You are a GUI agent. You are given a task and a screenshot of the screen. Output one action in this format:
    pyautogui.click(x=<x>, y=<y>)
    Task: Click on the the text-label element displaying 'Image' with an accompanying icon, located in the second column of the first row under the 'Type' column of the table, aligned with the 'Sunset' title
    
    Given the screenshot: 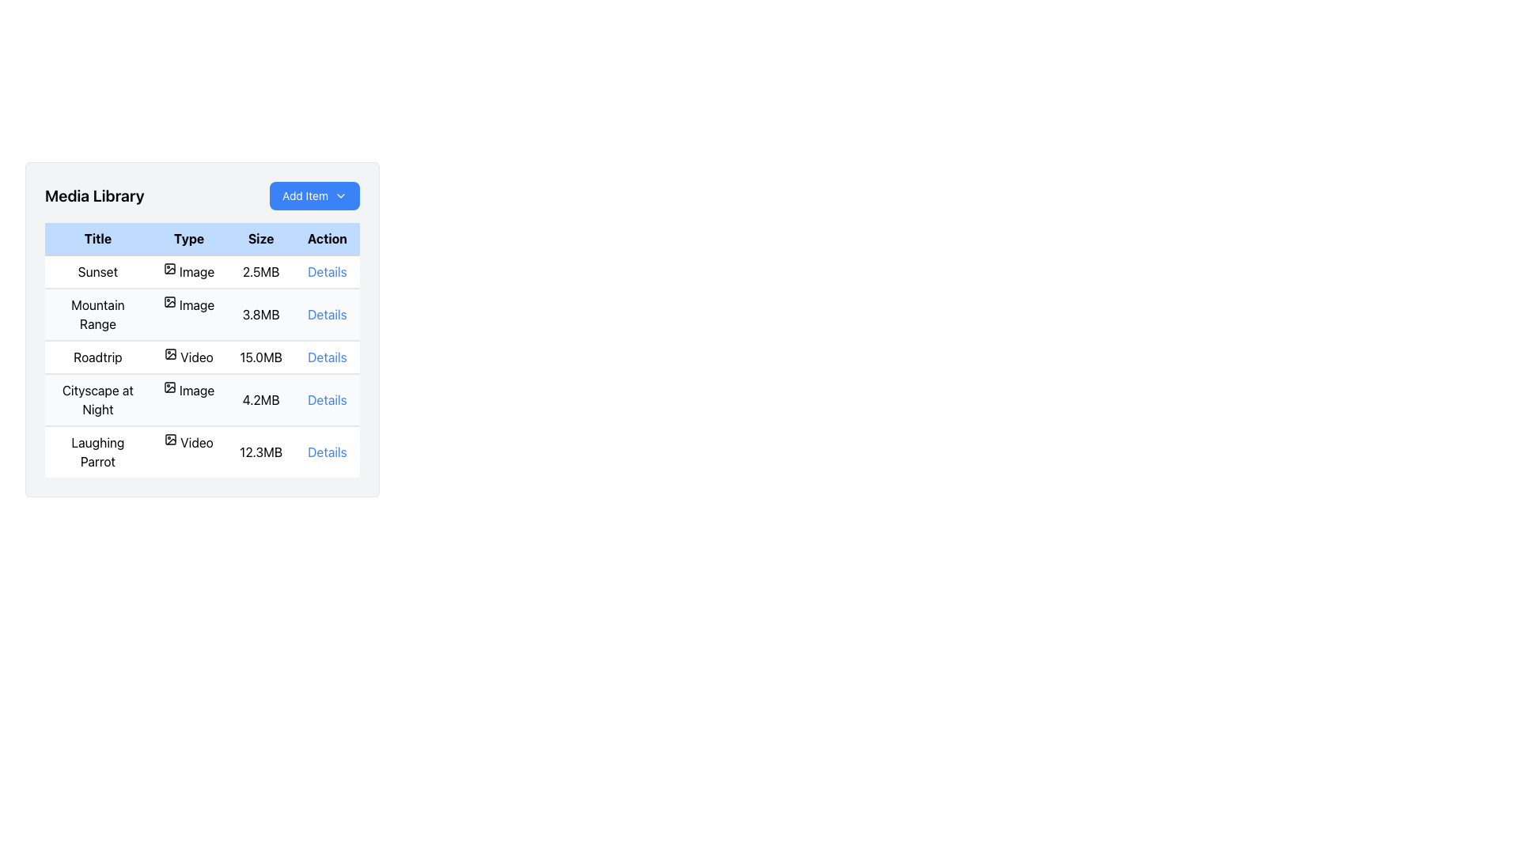 What is the action you would take?
    pyautogui.click(x=189, y=270)
    